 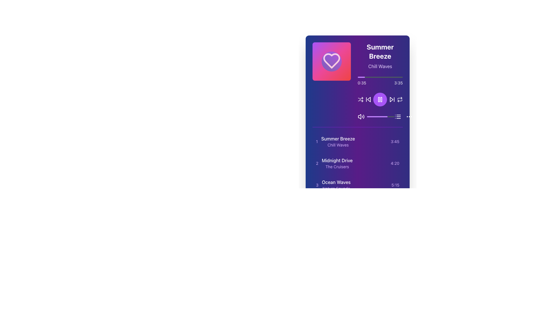 What do you see at coordinates (390, 116) in the screenshot?
I see `the progress value` at bounding box center [390, 116].